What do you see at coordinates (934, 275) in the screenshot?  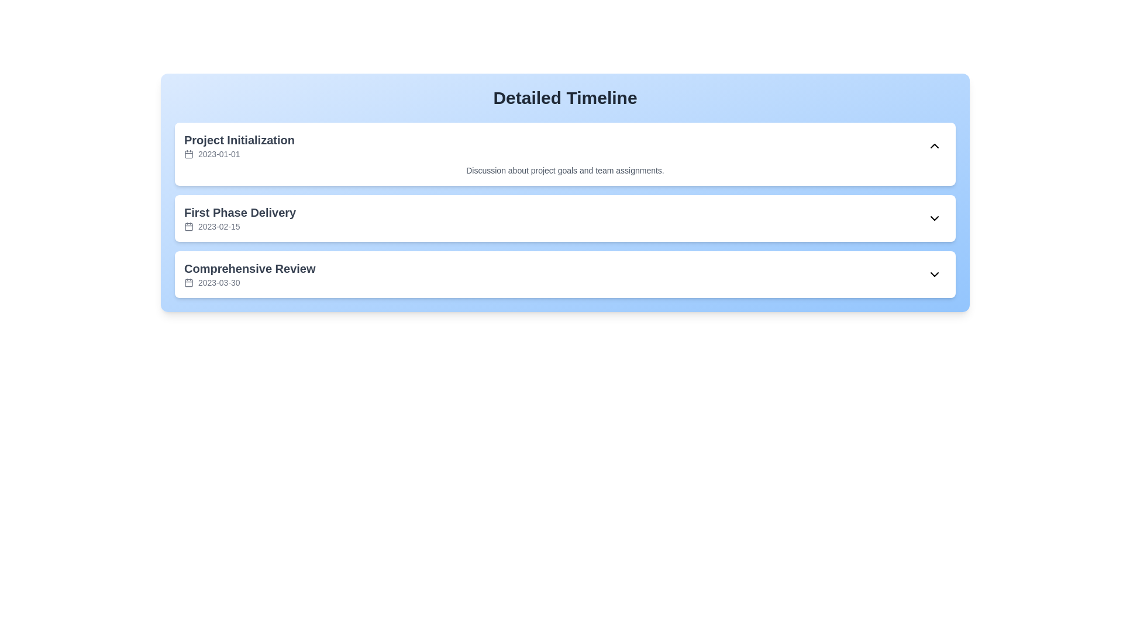 I see `the toggle button with a chevron icon for the 'Comprehensive Review' entry in the timeline` at bounding box center [934, 275].